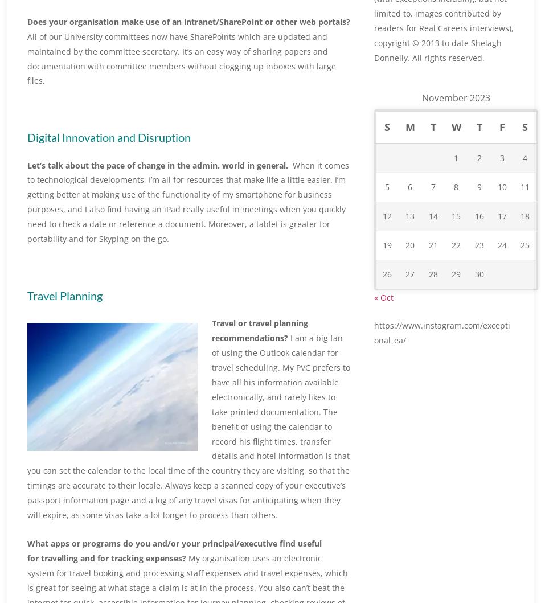 The image size is (541, 603). Describe the element at coordinates (386, 240) in the screenshot. I see `'12'` at that location.